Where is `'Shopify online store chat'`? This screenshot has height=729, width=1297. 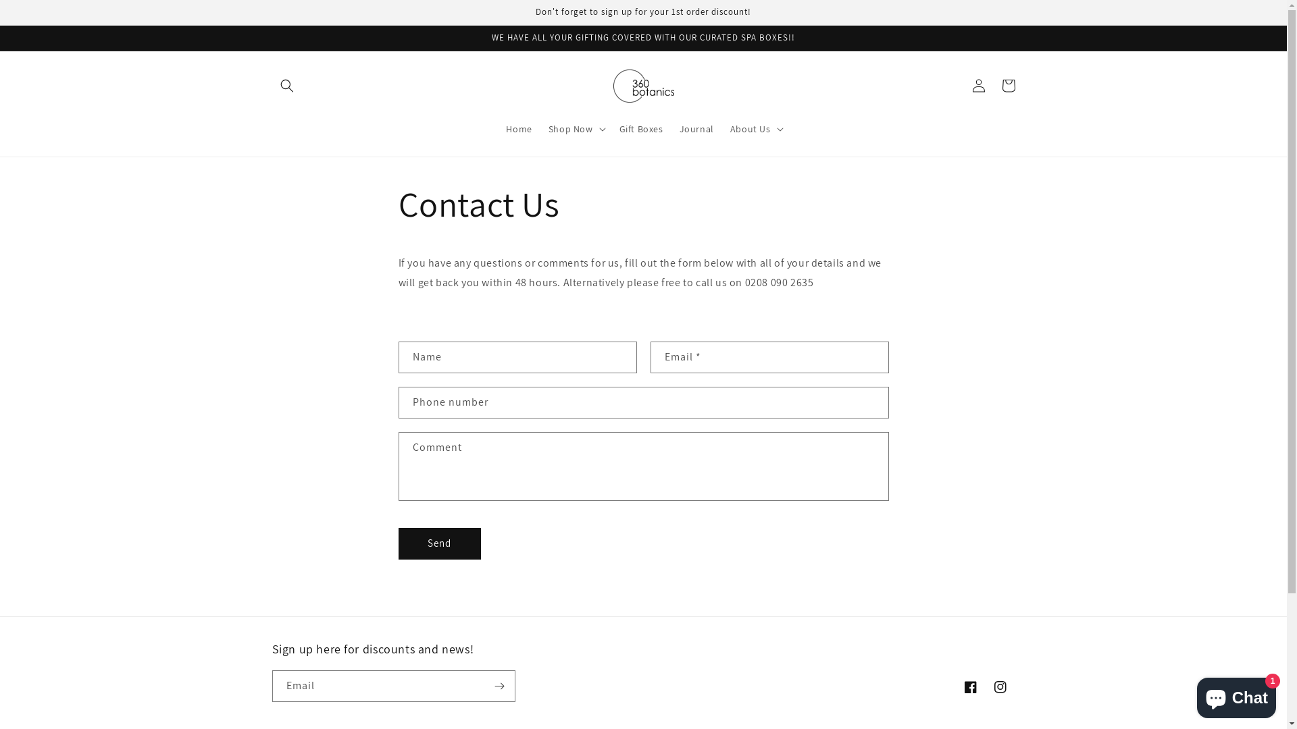 'Shopify online store chat' is located at coordinates (1236, 695).